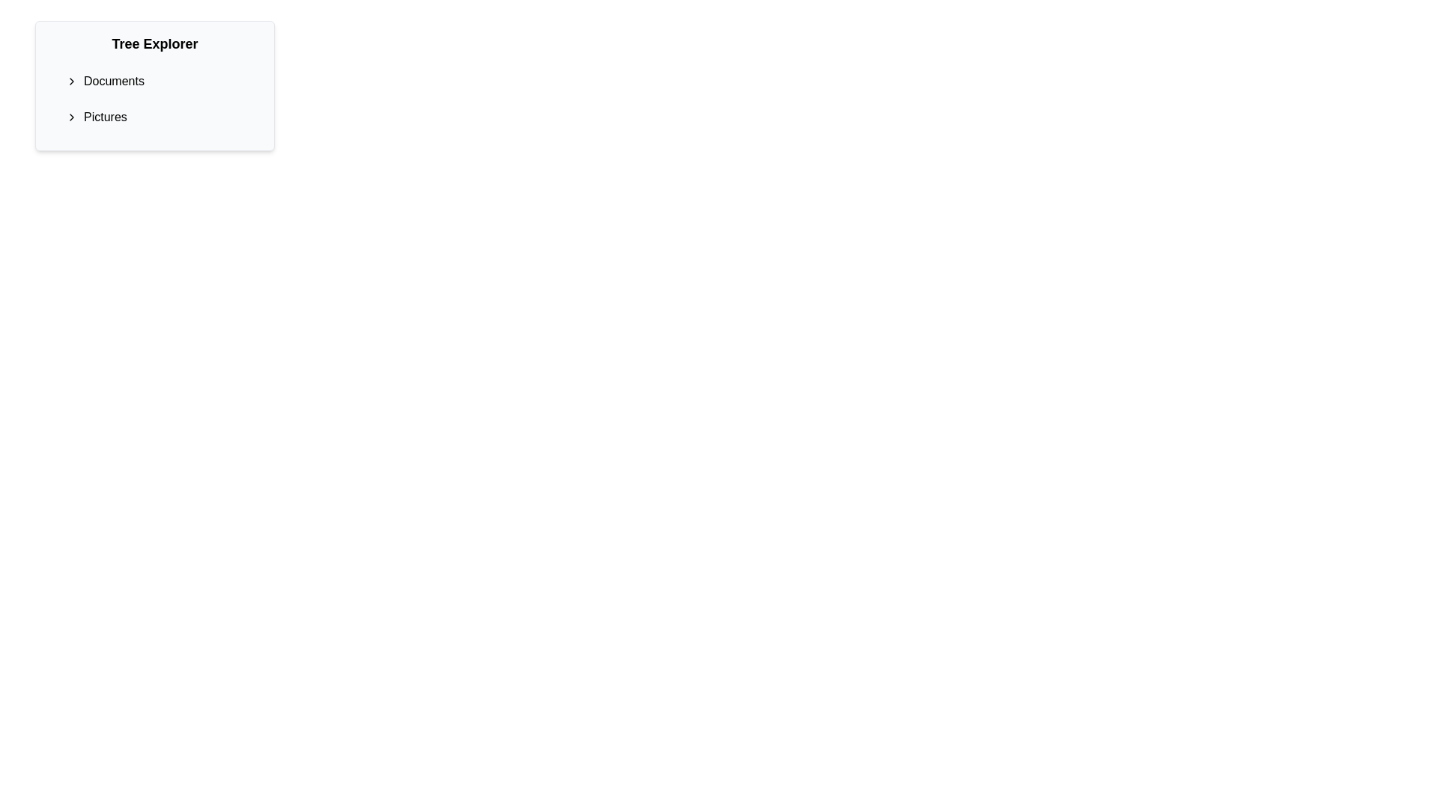  I want to click on the right-pointing chevron icon located to the left of the 'Documents' text, so click(74, 81).